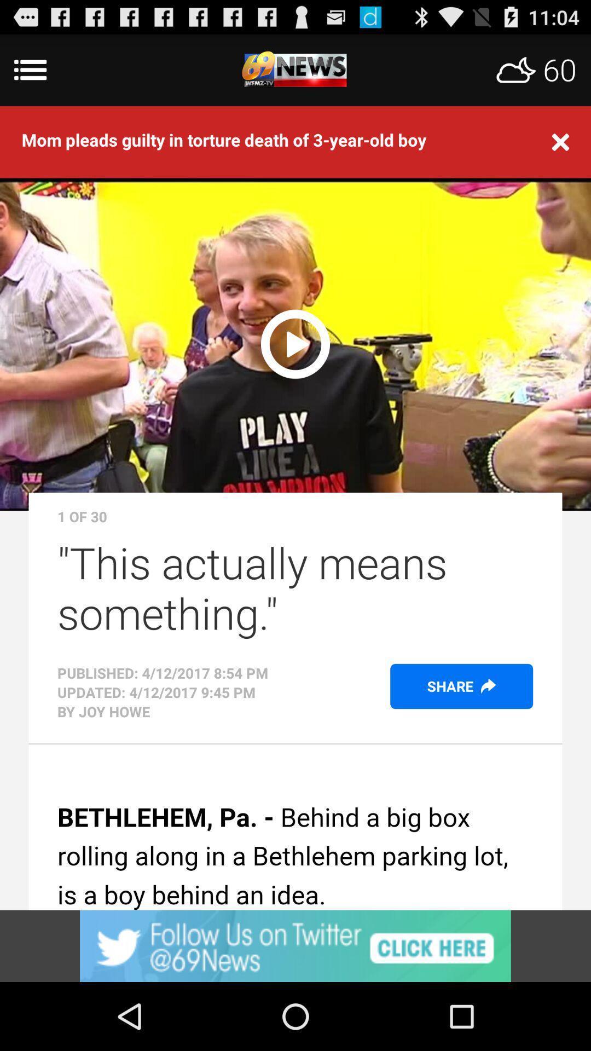 This screenshot has height=1051, width=591. What do you see at coordinates (296, 945) in the screenshot?
I see `open advertisement` at bounding box center [296, 945].